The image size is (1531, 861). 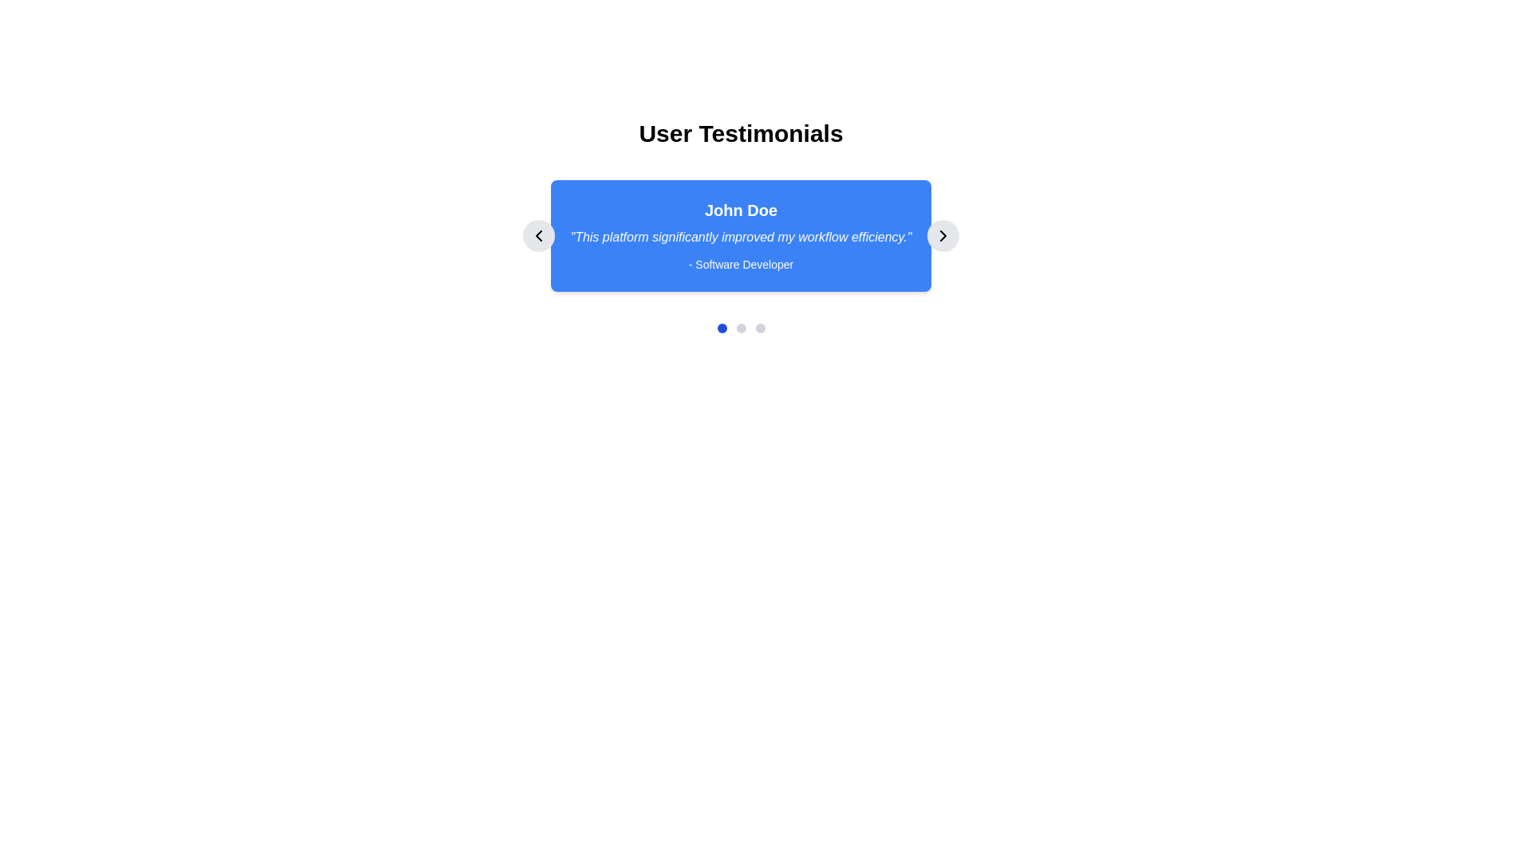 What do you see at coordinates (943, 236) in the screenshot?
I see `the right-facing chevron arrow button within the circular button on the right side of the testimonial card` at bounding box center [943, 236].